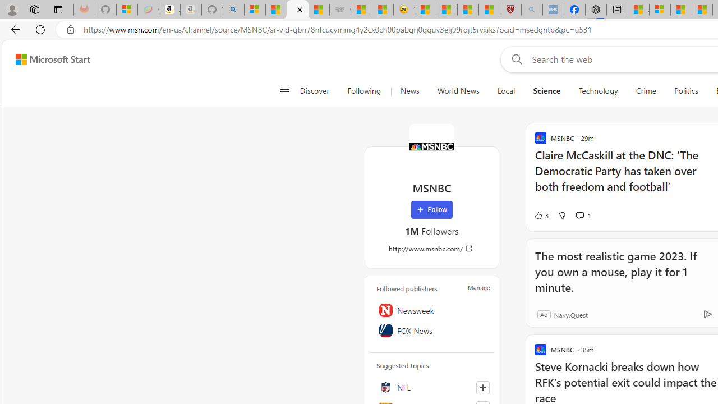 This screenshot has width=718, height=404. What do you see at coordinates (541, 215) in the screenshot?
I see `'3 Like'` at bounding box center [541, 215].